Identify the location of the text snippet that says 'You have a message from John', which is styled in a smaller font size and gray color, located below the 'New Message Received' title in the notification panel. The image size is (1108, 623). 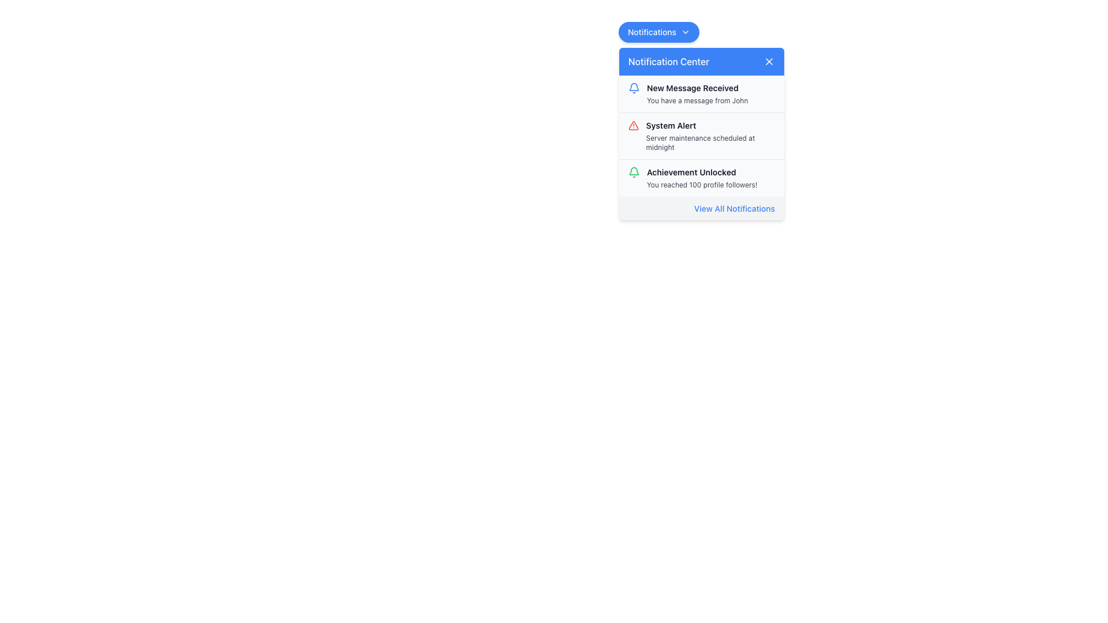
(697, 100).